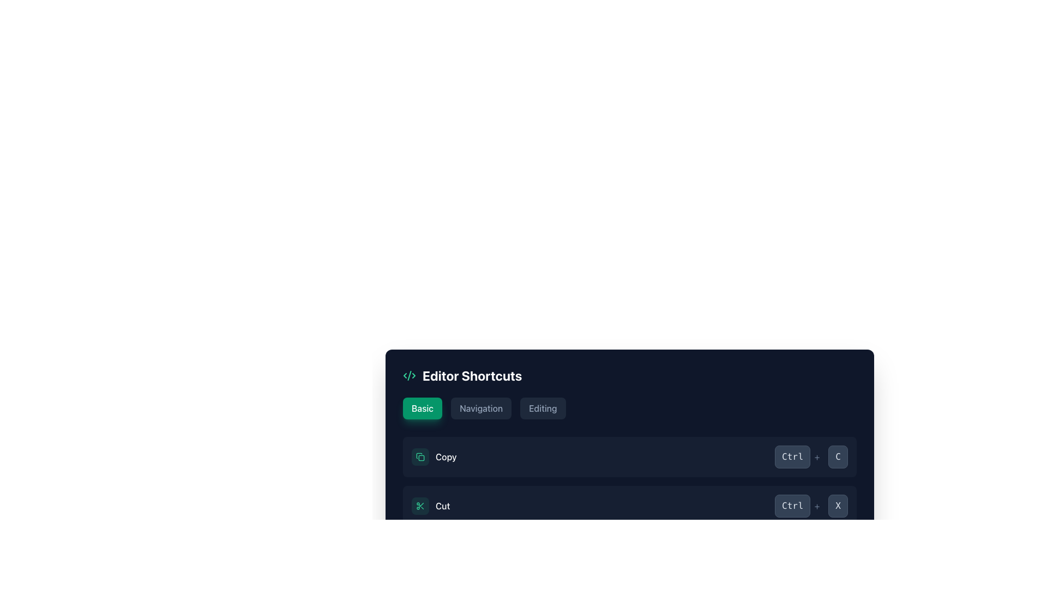 The width and height of the screenshot is (1047, 589). Describe the element at coordinates (811, 456) in the screenshot. I see `the Keyboard shortcut display for 'Ctrl + C', which is located in the top-right portion of the panel, visually aligned with other shortcut key displays` at that location.